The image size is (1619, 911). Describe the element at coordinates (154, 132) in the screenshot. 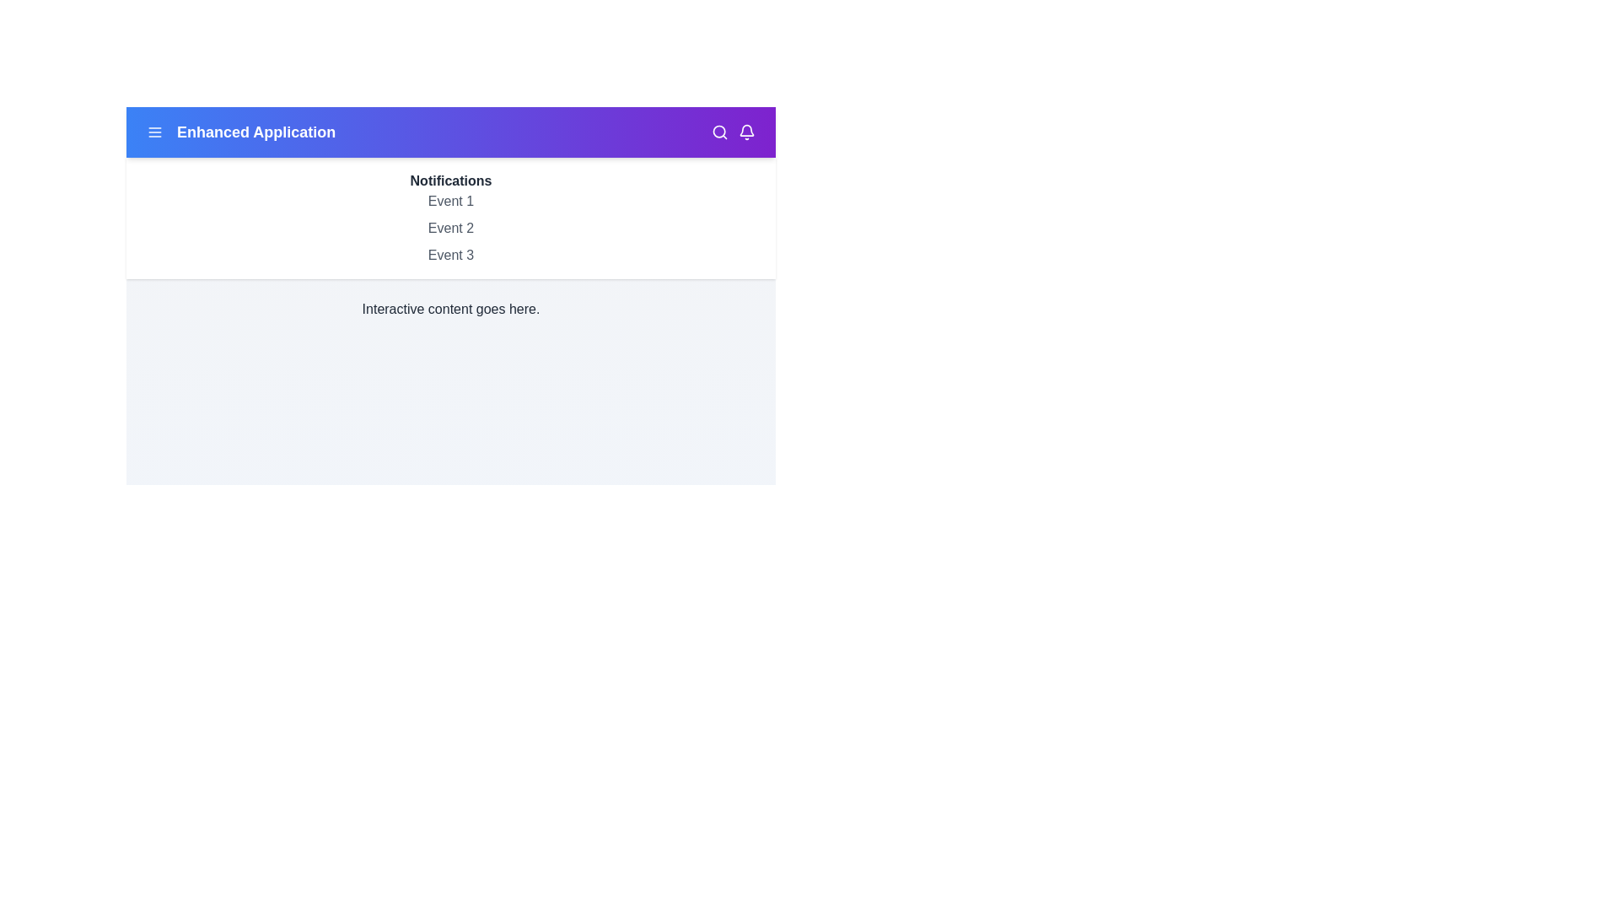

I see `the menu icon to access the menu` at that location.